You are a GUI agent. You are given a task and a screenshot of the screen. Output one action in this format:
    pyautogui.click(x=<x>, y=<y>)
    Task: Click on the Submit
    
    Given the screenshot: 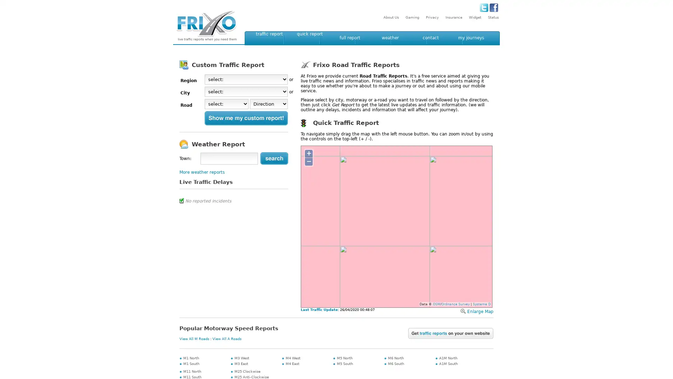 What is the action you would take?
    pyautogui.click(x=246, y=118)
    